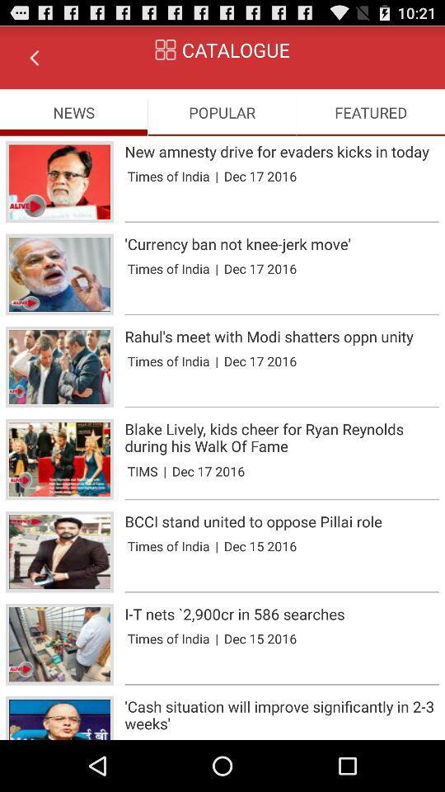  What do you see at coordinates (281, 684) in the screenshot?
I see `item below times of india app` at bounding box center [281, 684].